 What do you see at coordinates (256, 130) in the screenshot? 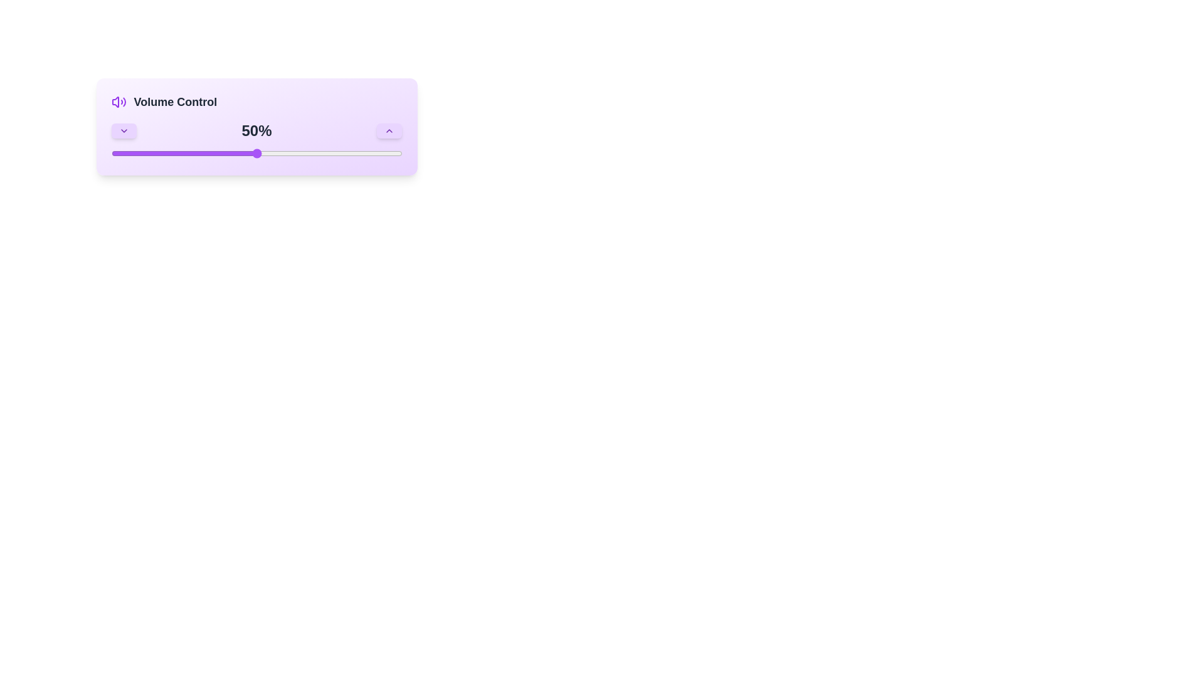
I see `the text display showing '50%' in a large, bold font with dark gray color on a light purple background, located between two arrow buttons` at bounding box center [256, 130].